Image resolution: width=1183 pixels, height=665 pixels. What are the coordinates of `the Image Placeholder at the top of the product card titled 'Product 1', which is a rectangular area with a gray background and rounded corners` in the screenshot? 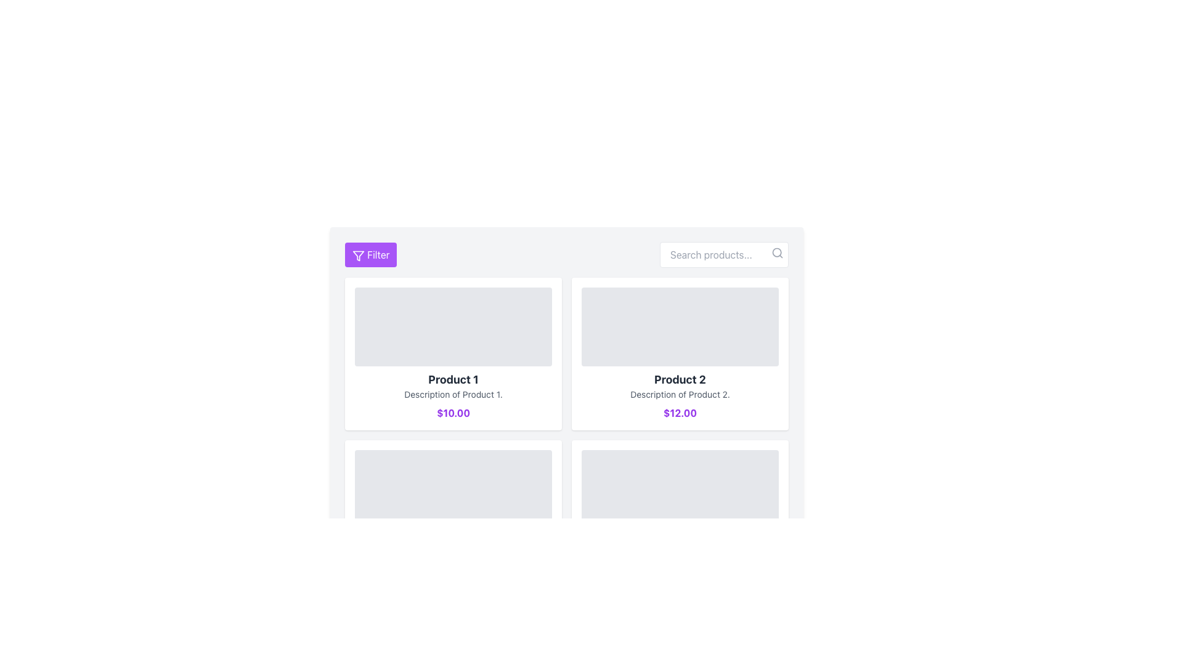 It's located at (452, 326).